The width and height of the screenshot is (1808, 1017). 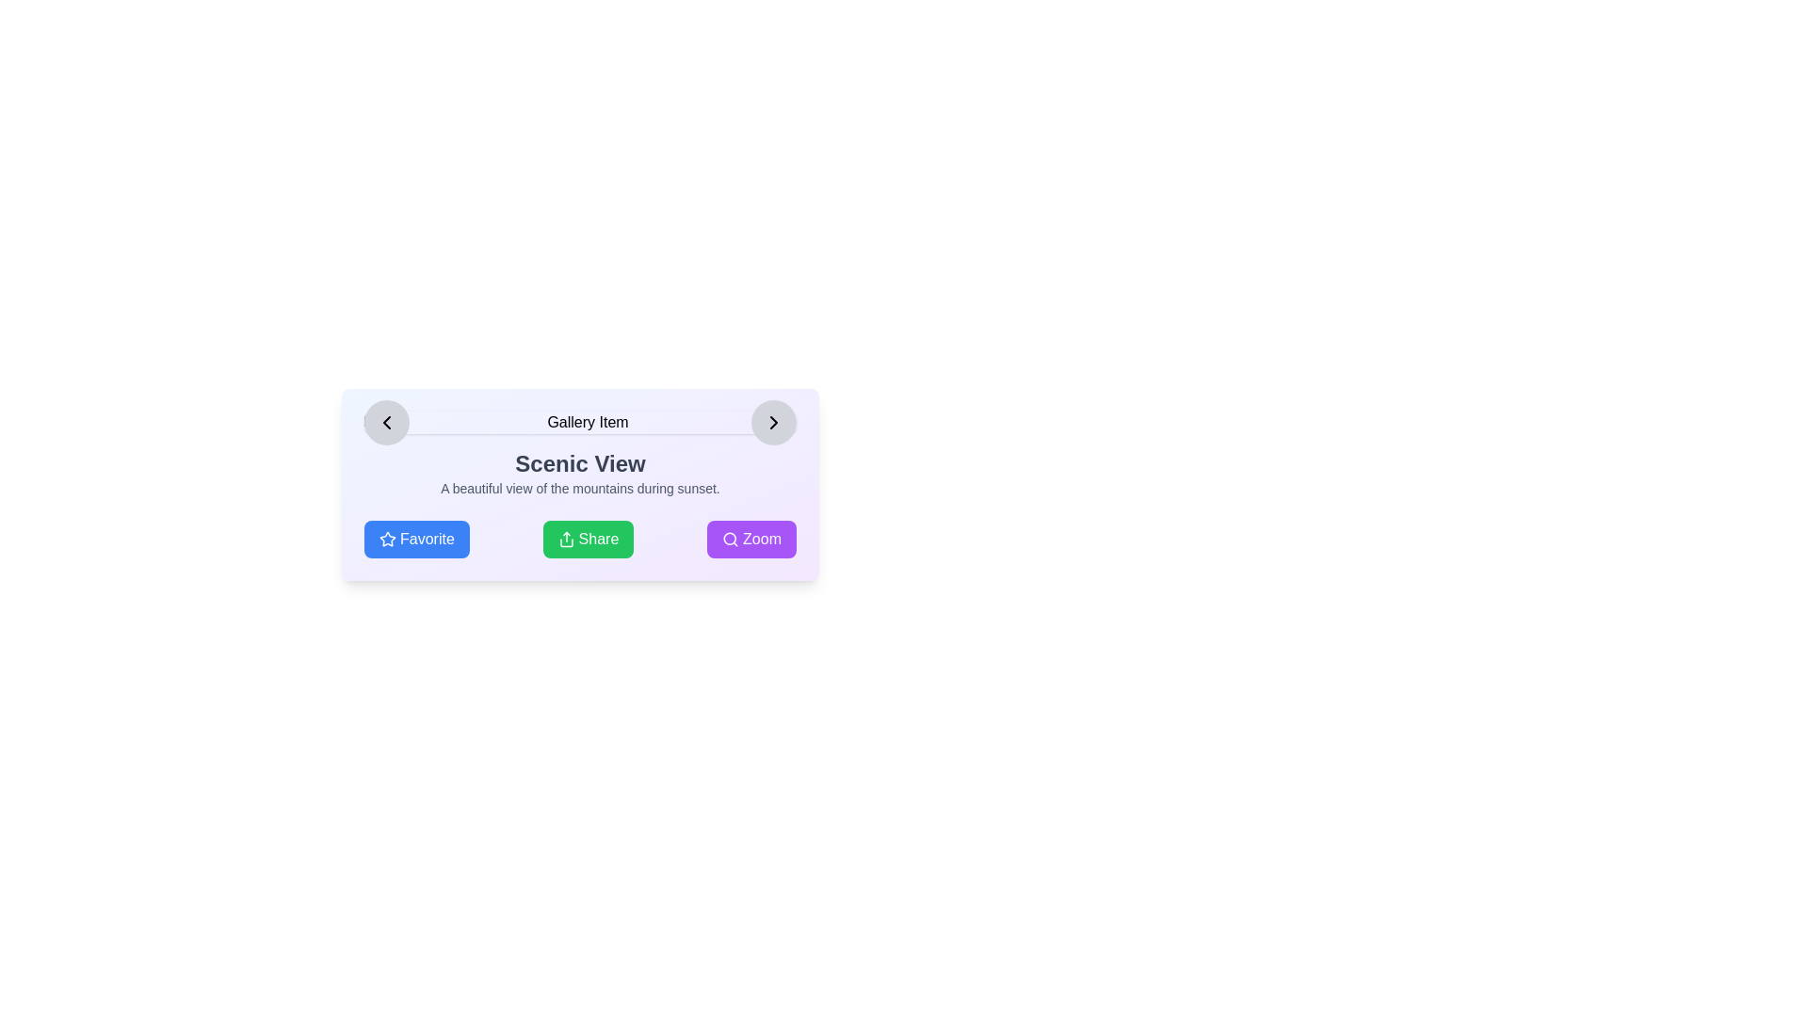 What do you see at coordinates (773, 421) in the screenshot?
I see `the circular grey button with a right-pointing black chevron` at bounding box center [773, 421].